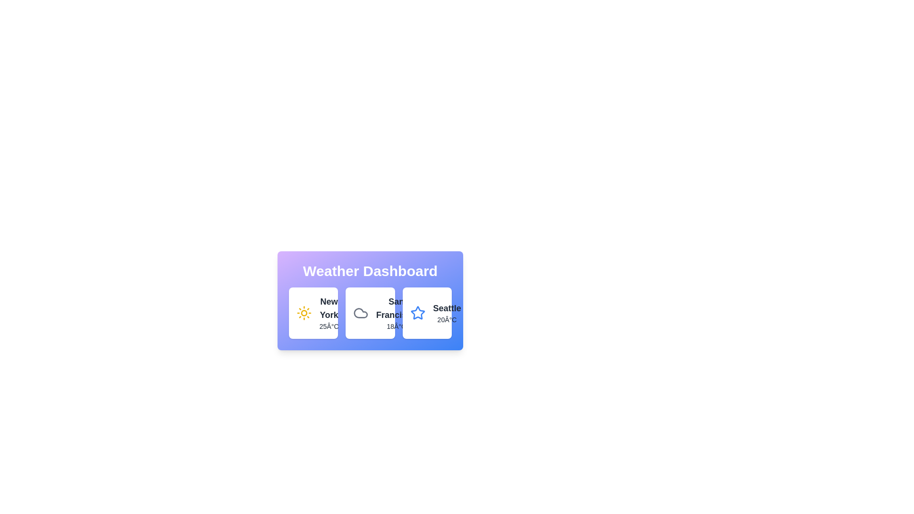 Image resolution: width=914 pixels, height=514 pixels. I want to click on the blue star icon located, so click(417, 313).